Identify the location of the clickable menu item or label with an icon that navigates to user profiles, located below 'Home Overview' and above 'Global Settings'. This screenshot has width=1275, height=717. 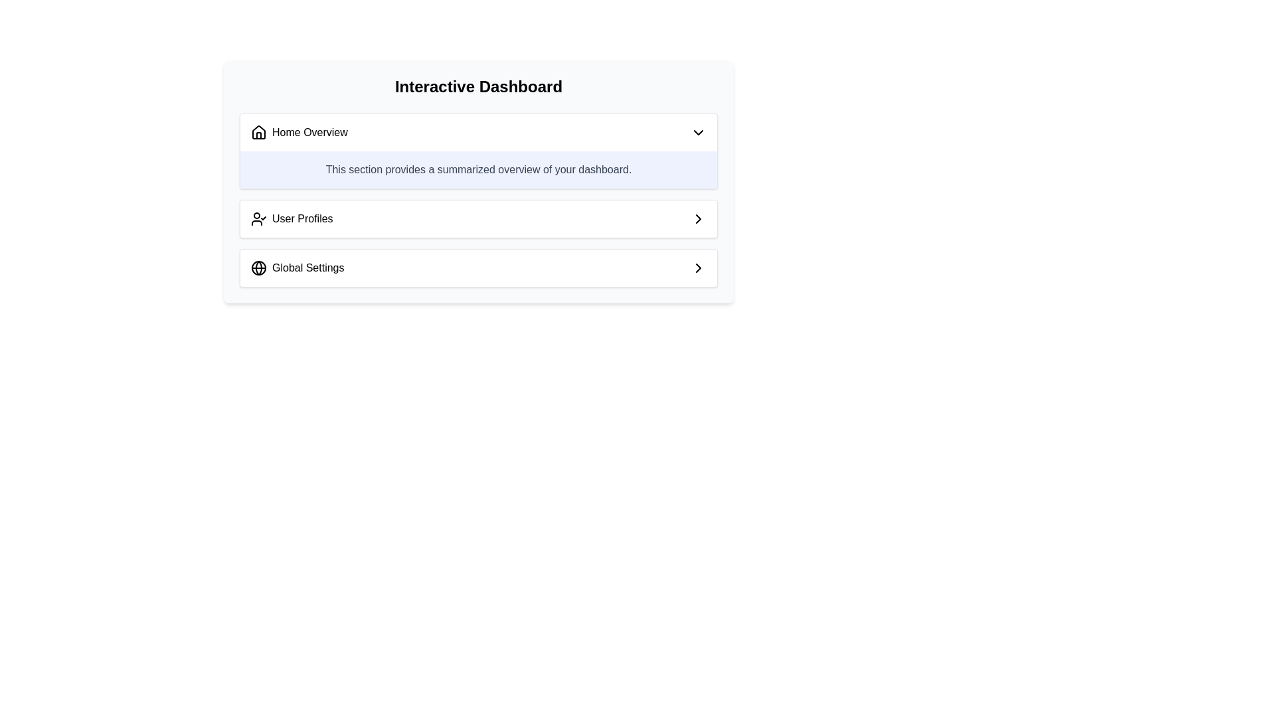
(291, 218).